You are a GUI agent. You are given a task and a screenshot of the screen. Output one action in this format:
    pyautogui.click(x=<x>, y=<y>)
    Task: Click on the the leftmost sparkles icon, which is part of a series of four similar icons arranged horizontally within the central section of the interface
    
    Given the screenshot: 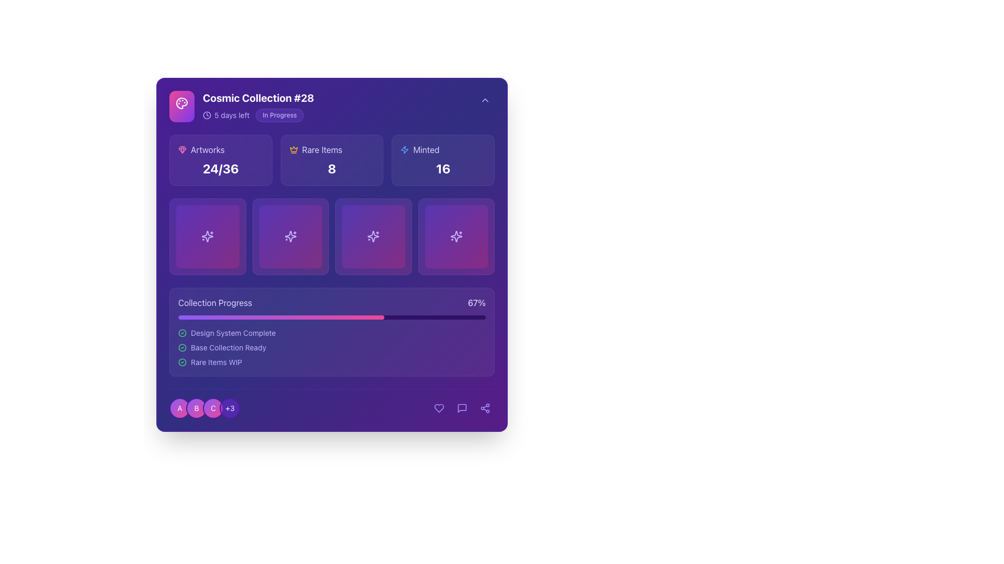 What is the action you would take?
    pyautogui.click(x=208, y=237)
    